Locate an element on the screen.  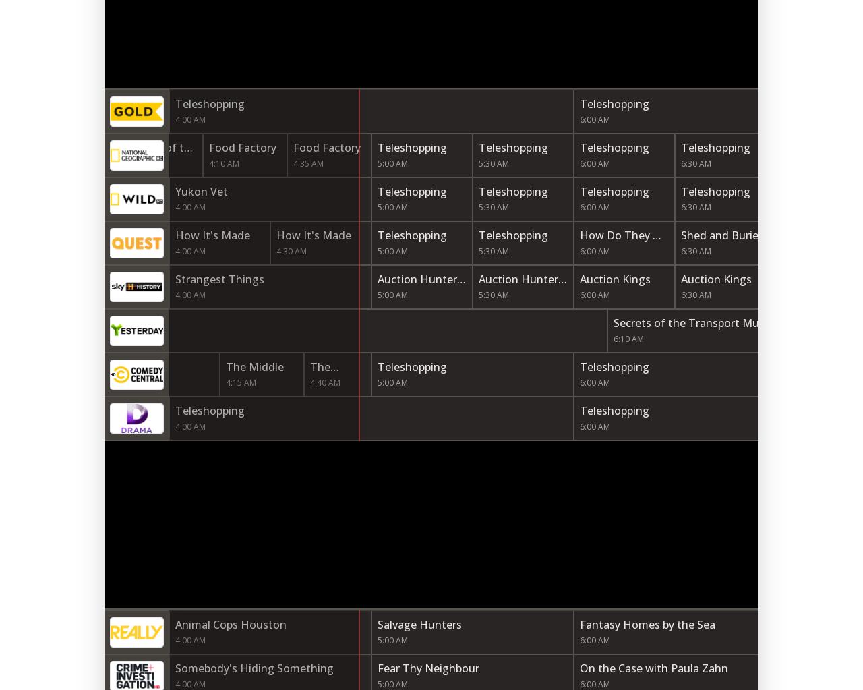
'4:35 AM' is located at coordinates (307, 163).